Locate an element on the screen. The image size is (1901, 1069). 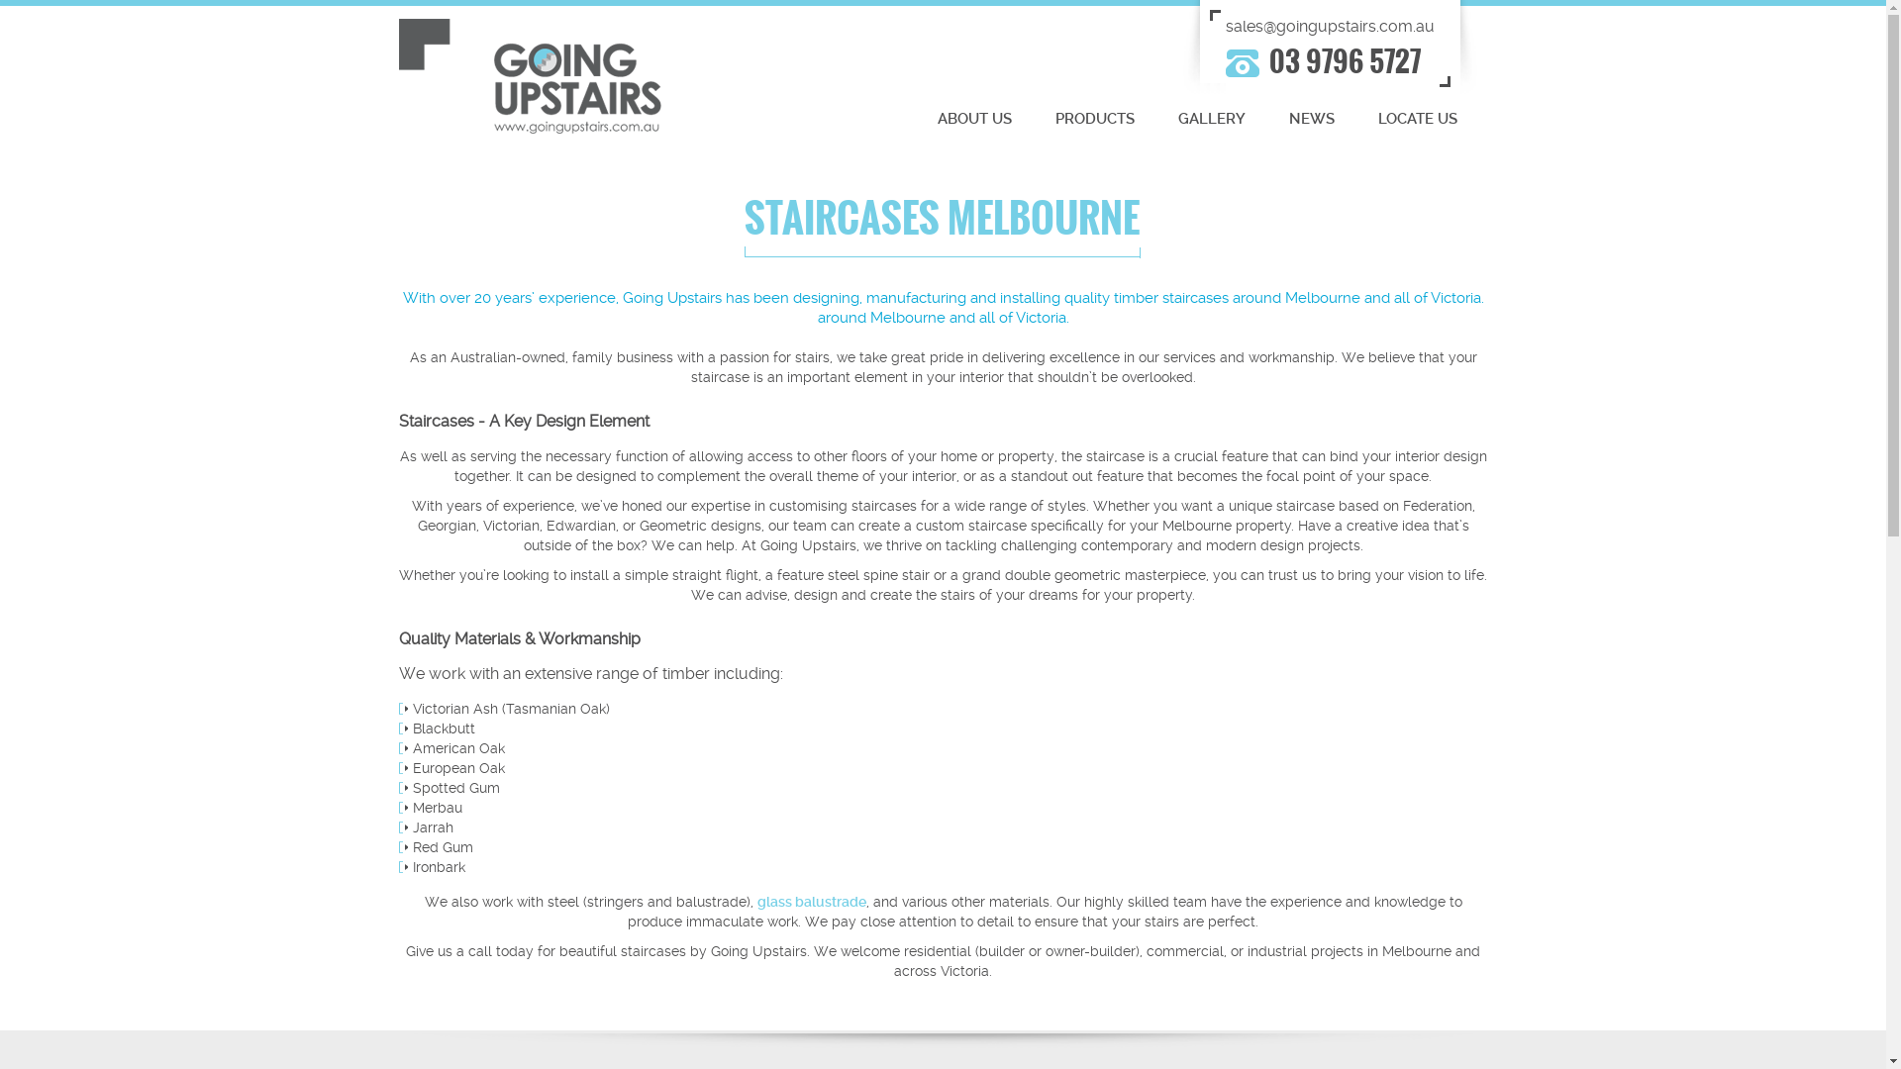
'LOCATE US' is located at coordinates (1416, 121).